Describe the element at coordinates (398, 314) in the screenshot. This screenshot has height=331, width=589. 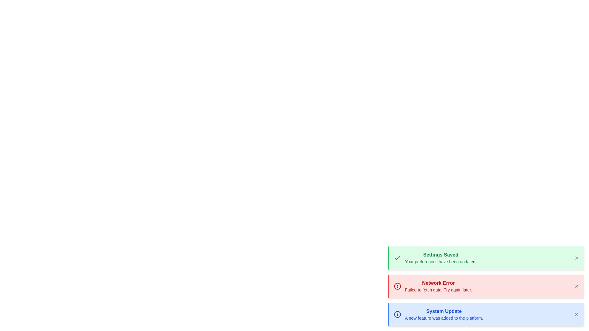
I see `the icon for the 'System Update' notification, which serves as a visual indicator of the notification's context` at that location.